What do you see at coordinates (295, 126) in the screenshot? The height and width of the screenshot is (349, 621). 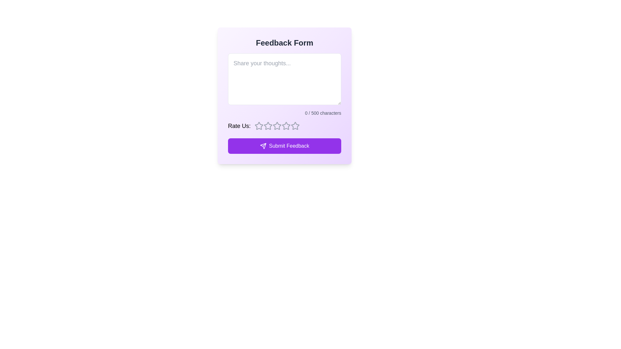 I see `the fourth star in the Rating Component located beneath the text 'Rate Us:' on the feedback form` at bounding box center [295, 126].